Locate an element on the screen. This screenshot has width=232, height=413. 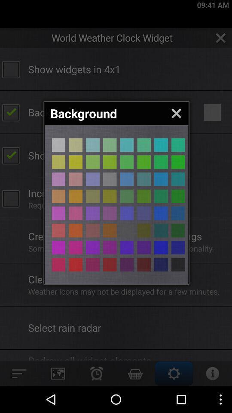
navy background color is located at coordinates (161, 247).